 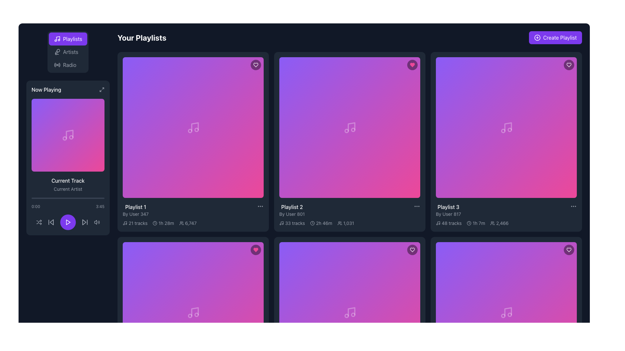 What do you see at coordinates (166, 223) in the screenshot?
I see `the text element displaying '1h 28m' in light gray color, which is part of the metadata under the playlist card for 'Playlist 1'` at bounding box center [166, 223].